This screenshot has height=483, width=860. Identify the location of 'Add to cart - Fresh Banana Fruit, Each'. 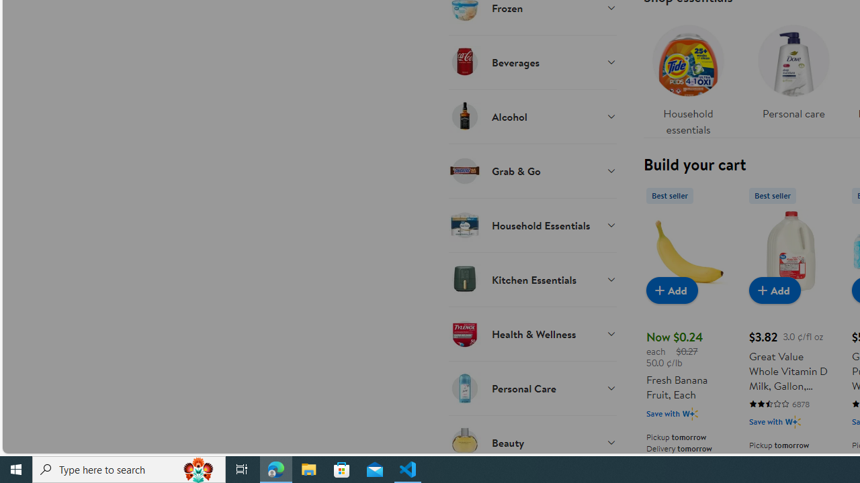
(672, 289).